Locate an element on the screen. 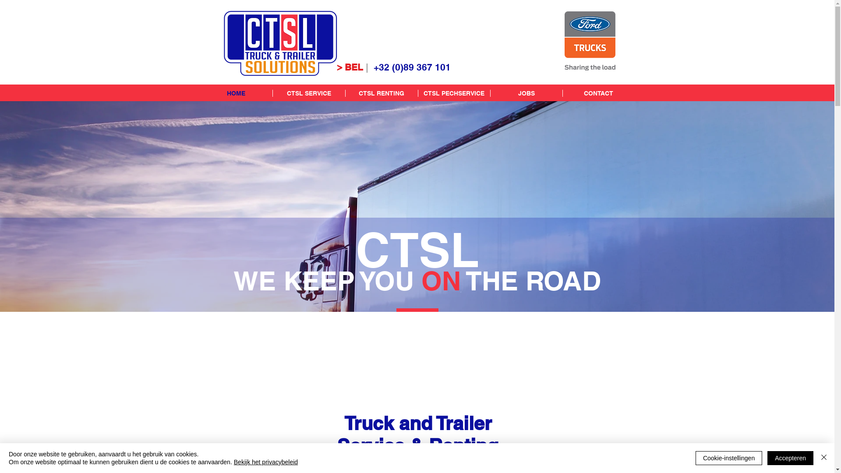 This screenshot has width=841, height=473. 'HOME' is located at coordinates (236, 93).